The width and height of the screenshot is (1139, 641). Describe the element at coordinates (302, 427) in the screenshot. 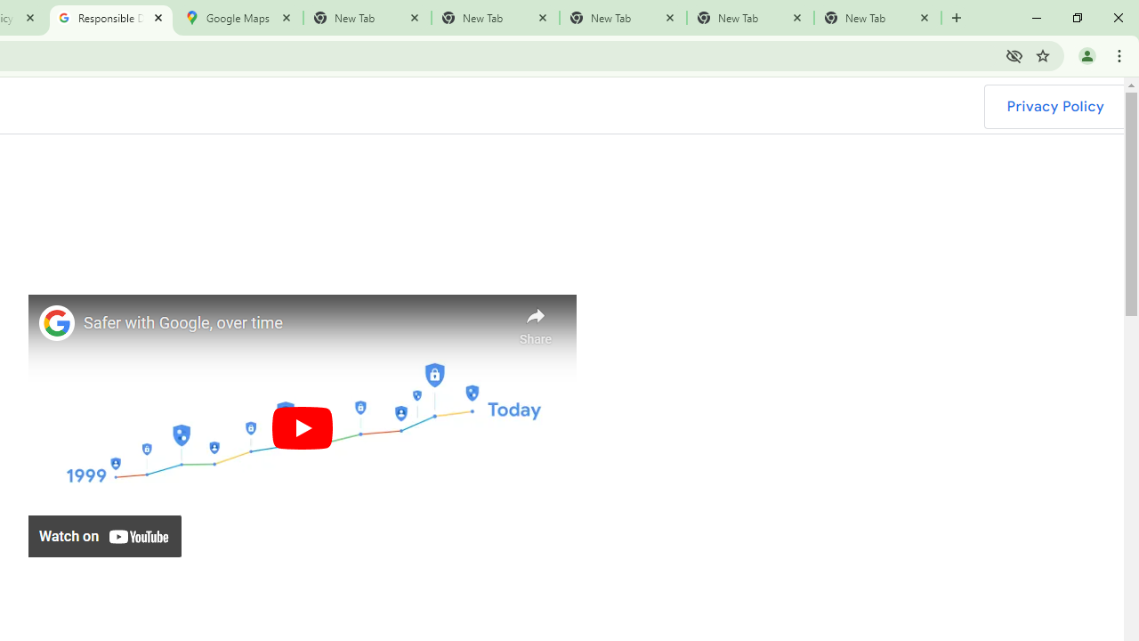

I see `'Play'` at that location.